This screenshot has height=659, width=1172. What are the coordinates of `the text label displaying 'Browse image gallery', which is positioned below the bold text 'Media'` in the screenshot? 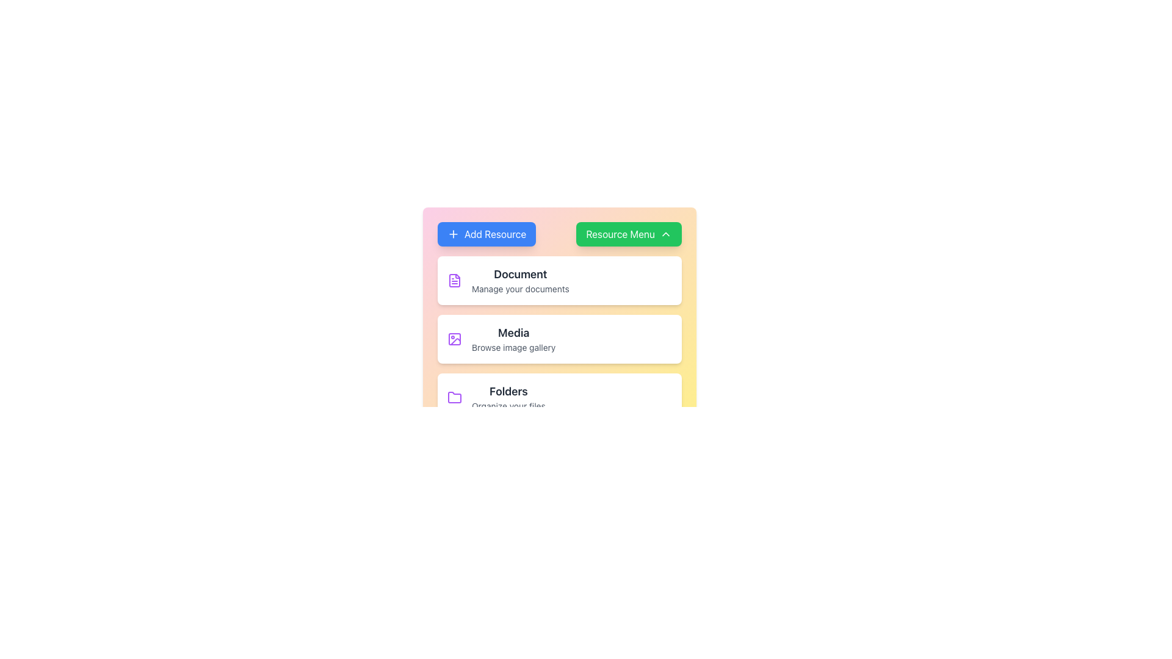 It's located at (513, 348).